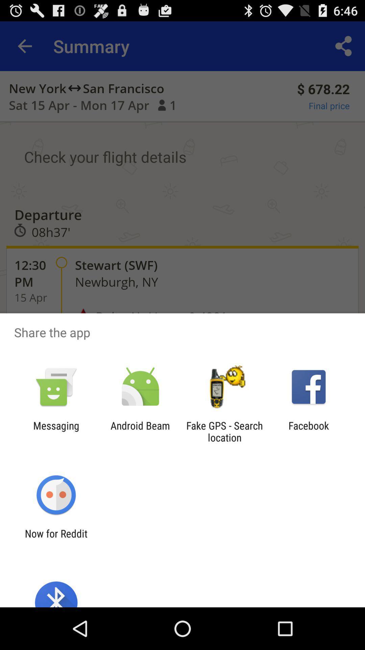  What do you see at coordinates (140, 431) in the screenshot?
I see `the android beam icon` at bounding box center [140, 431].